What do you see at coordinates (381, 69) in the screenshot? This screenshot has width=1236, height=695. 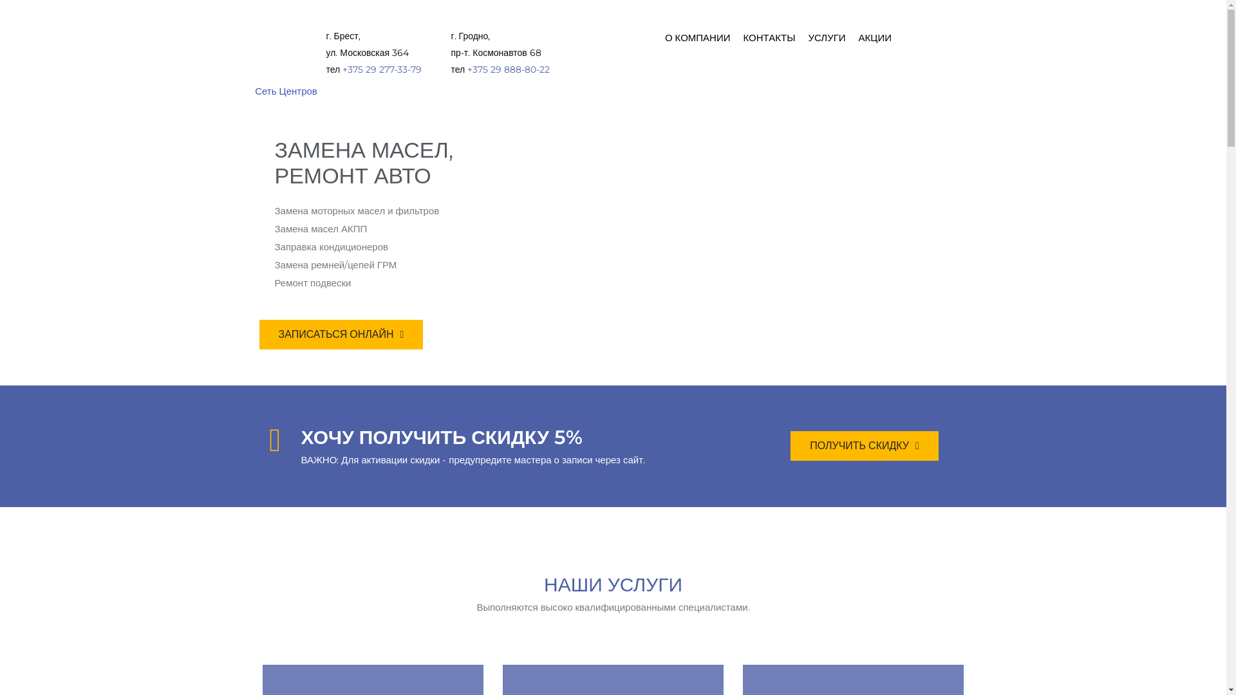 I see `'+375 29 277-33-79'` at bounding box center [381, 69].